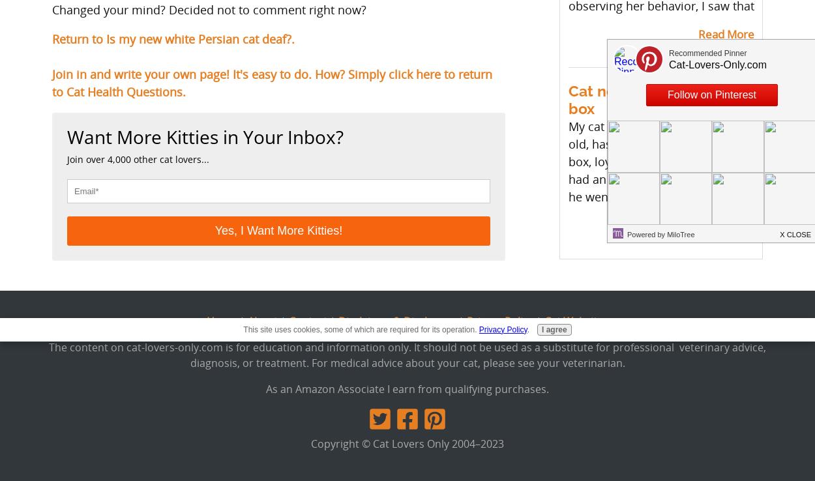  Describe the element at coordinates (407, 353) in the screenshot. I see `'The content on cat-lovers-only.com is for education and information only. It should not be used as a substitute for professional  veterinary advice, diagnosis, or treatment. For medical advice about your cat, please see your veterinarian.'` at that location.